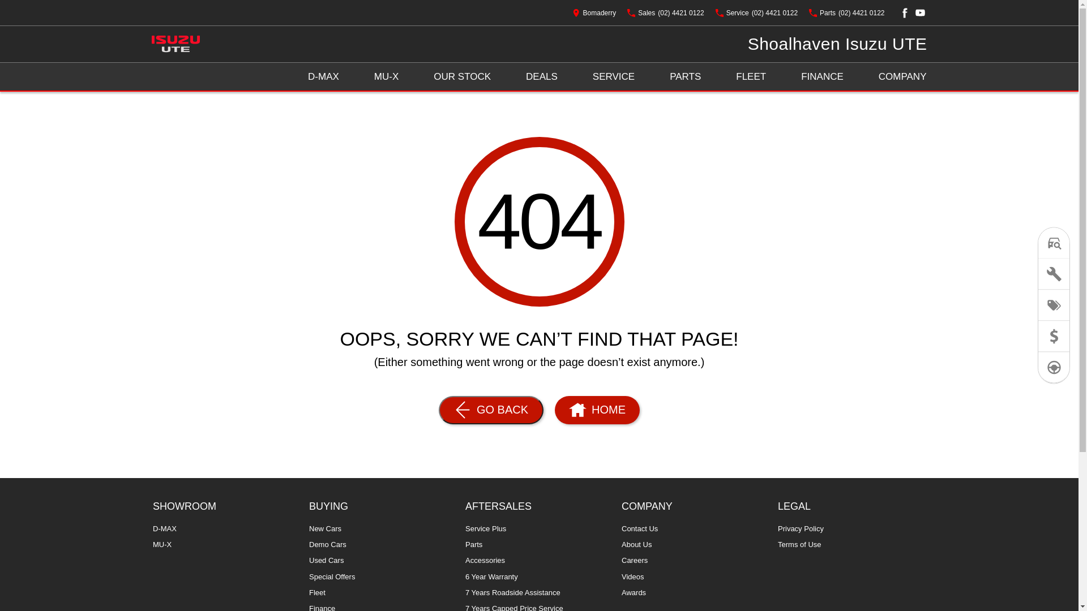 This screenshot has height=611, width=1087. I want to click on 'Terms of Use', so click(799, 544).